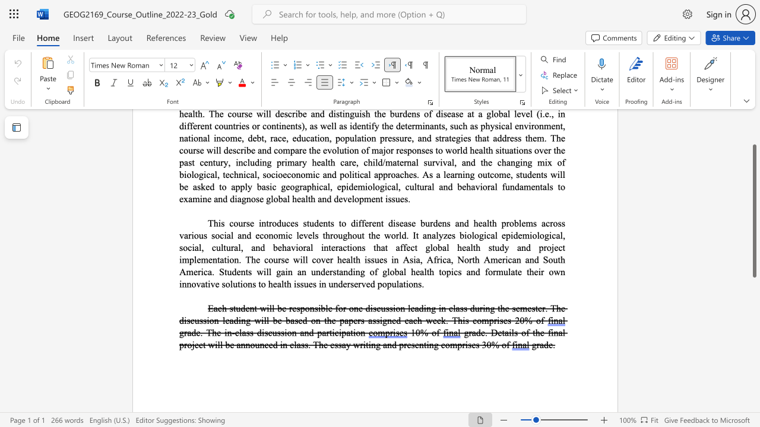  What do you see at coordinates (753, 210) in the screenshot?
I see `the scrollbar and move down 270 pixels` at bounding box center [753, 210].